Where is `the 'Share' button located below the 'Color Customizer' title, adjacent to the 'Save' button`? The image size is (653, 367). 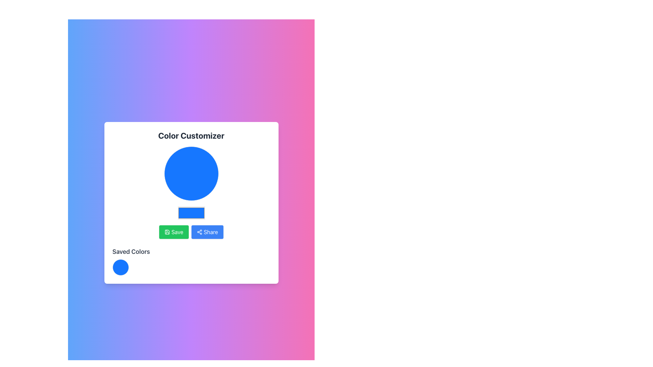 the 'Share' button located below the 'Color Customizer' title, adjacent to the 'Save' button is located at coordinates (207, 231).